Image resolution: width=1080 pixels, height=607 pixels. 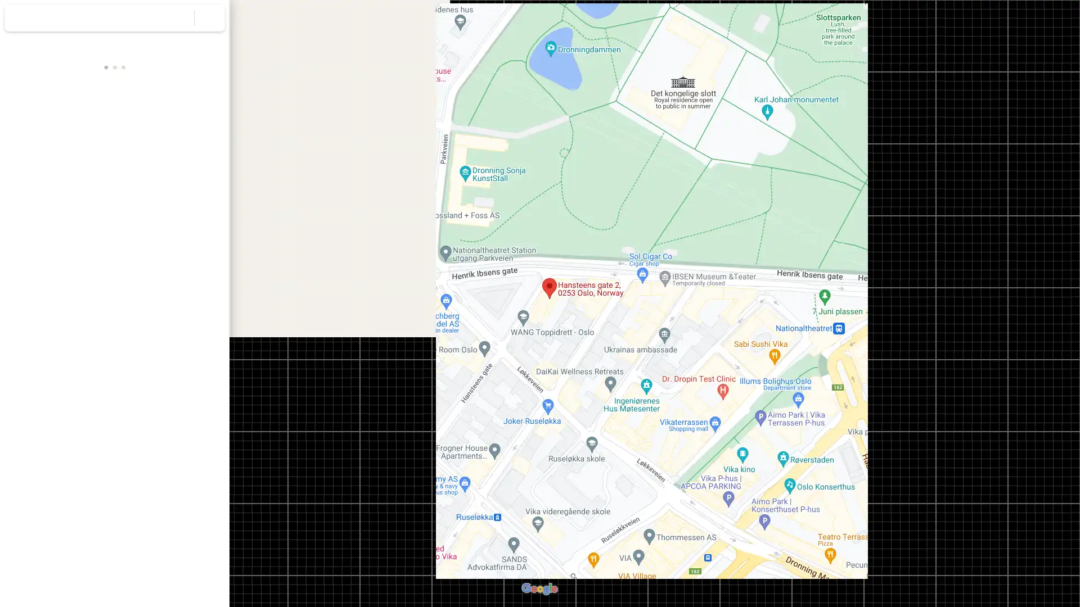 What do you see at coordinates (20, 19) in the screenshot?
I see `Menu` at bounding box center [20, 19].